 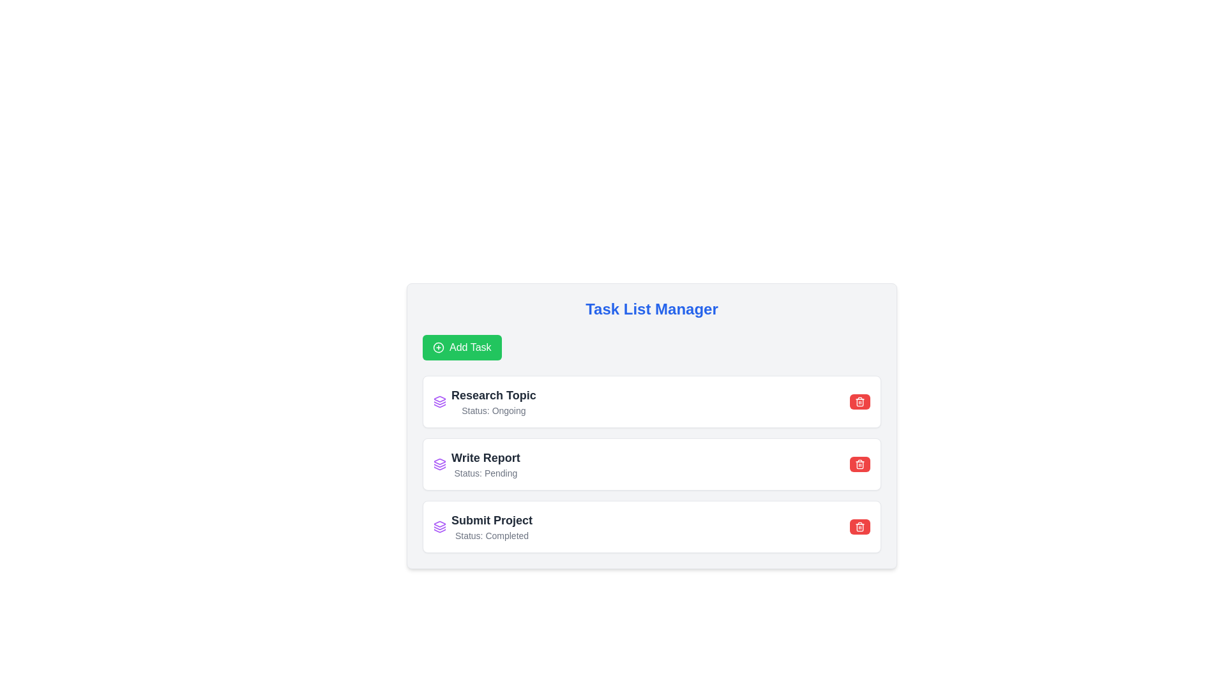 What do you see at coordinates (491, 526) in the screenshot?
I see `the 'Submit Project' text block, which is the last entry in the task list under the 'Task List Manager' header` at bounding box center [491, 526].